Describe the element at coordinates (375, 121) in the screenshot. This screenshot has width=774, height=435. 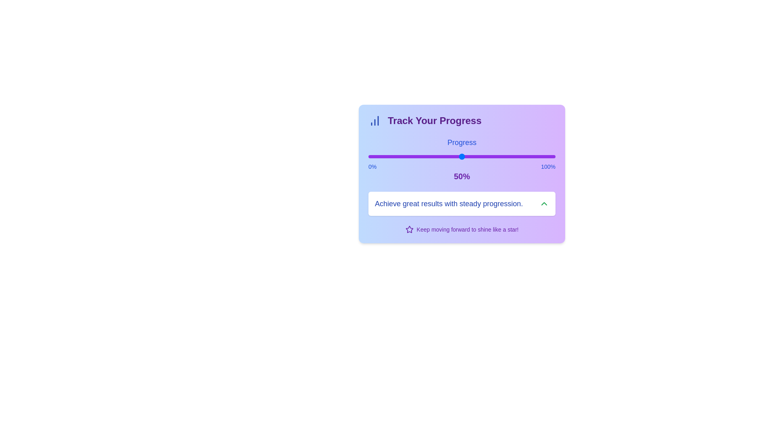
I see `the progress tracking icon located to the left of the 'Track Your Progress' title in the top section of the interface` at that location.